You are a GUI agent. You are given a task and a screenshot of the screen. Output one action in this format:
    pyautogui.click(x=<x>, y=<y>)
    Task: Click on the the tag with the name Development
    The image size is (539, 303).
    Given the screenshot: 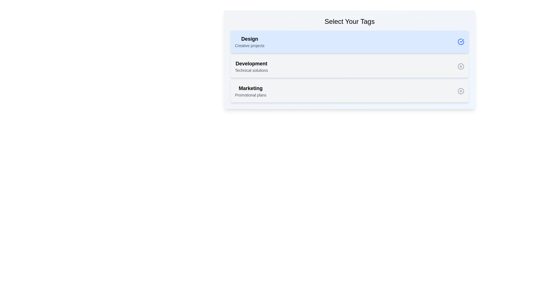 What is the action you would take?
    pyautogui.click(x=251, y=66)
    